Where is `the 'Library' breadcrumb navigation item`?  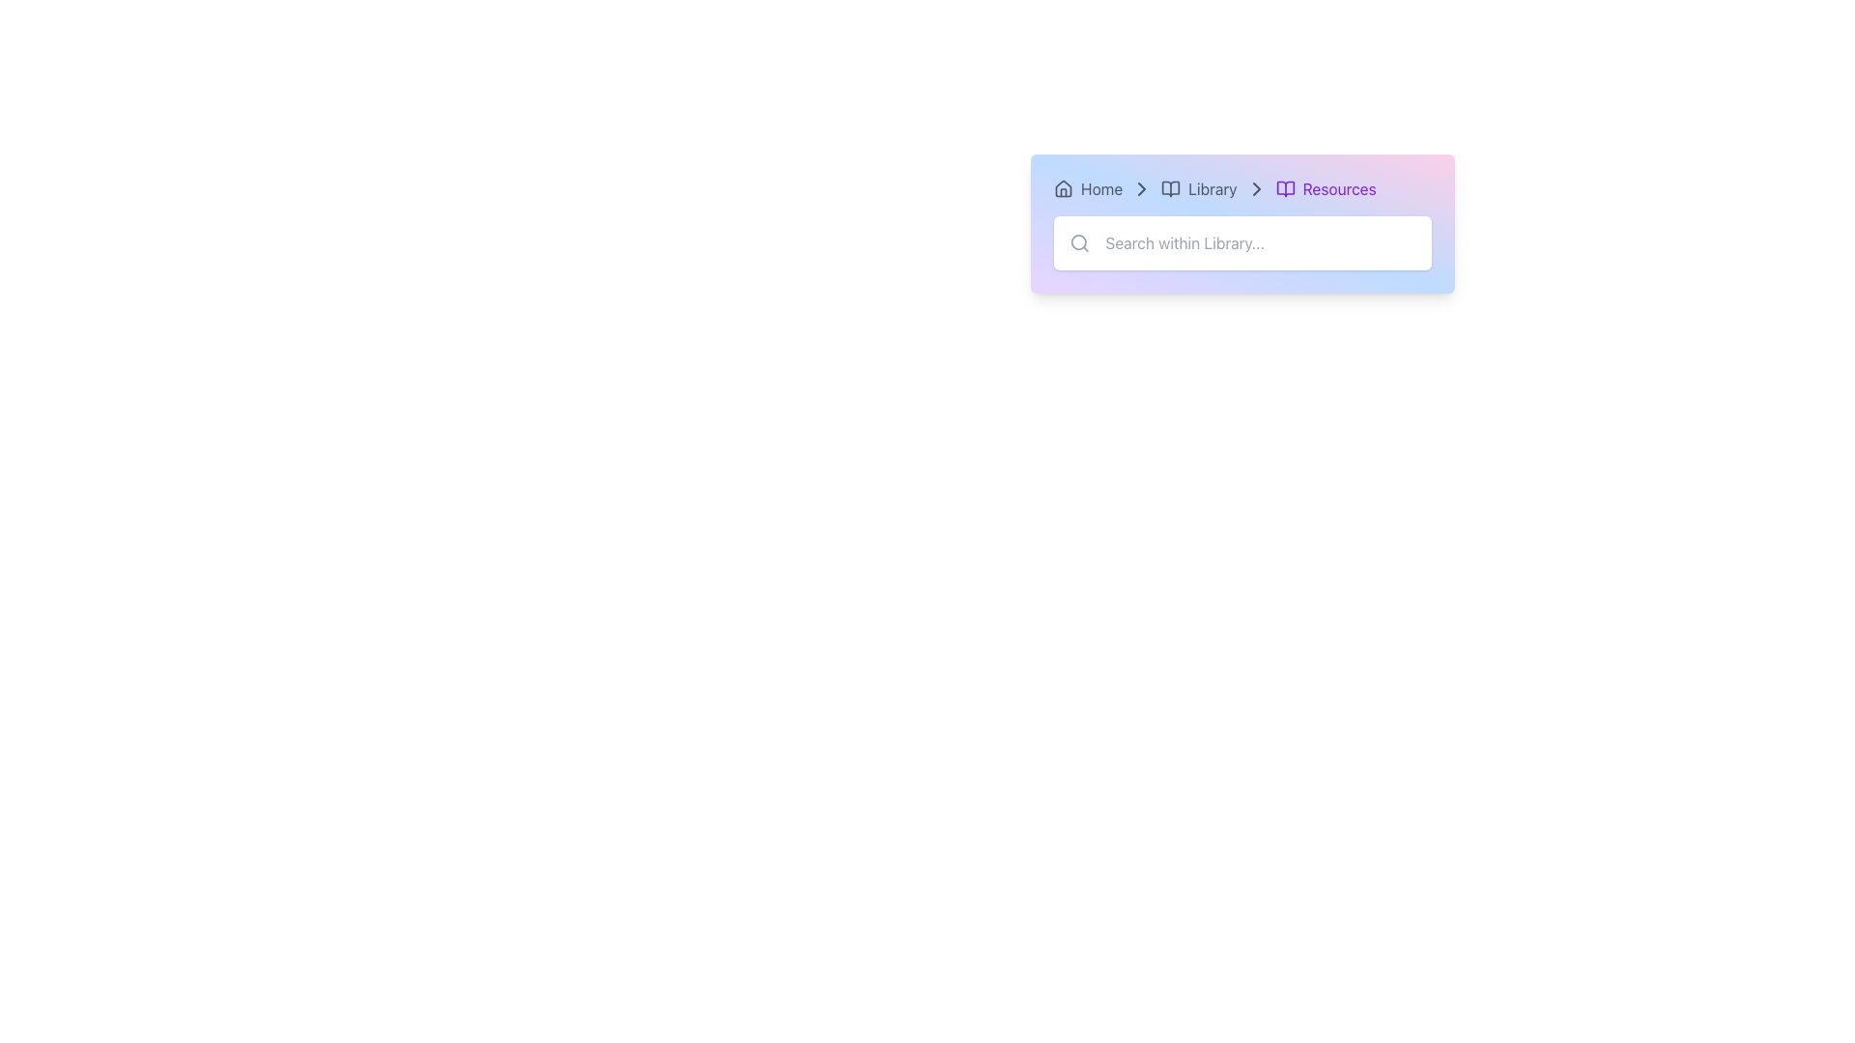 the 'Library' breadcrumb navigation item is located at coordinates (1198, 189).